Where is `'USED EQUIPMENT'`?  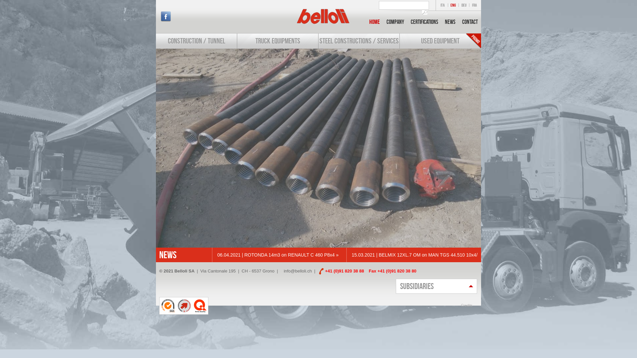 'USED EQUIPMENT' is located at coordinates (440, 41).